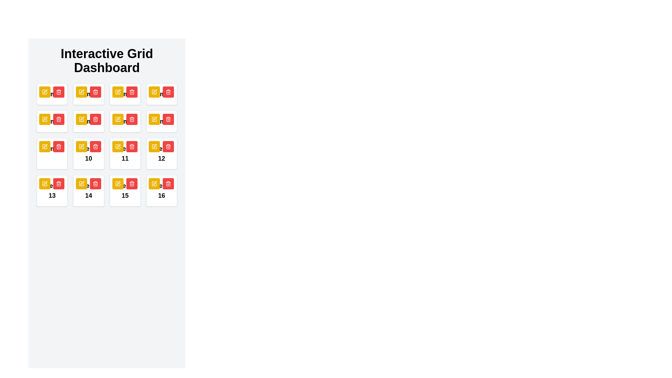  I want to click on the trash icon button located in the first row and third column of the grid dashboard to initiate a delete action, so click(95, 91).